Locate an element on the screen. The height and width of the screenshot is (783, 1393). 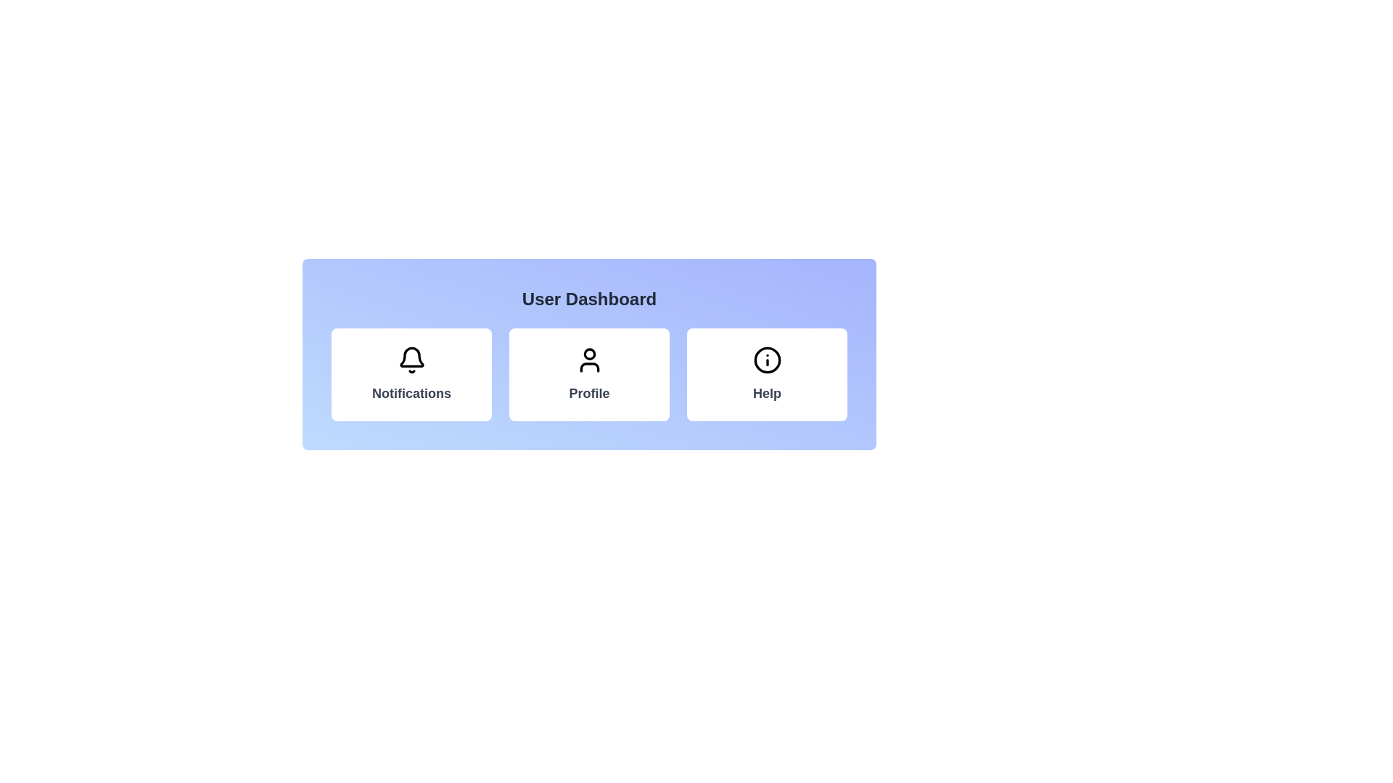
the 'Profile' text label, which is styled in a large, bold, gray font and is located in the central column of a three-column layout, directly below a user silhouette icon is located at coordinates (589, 394).